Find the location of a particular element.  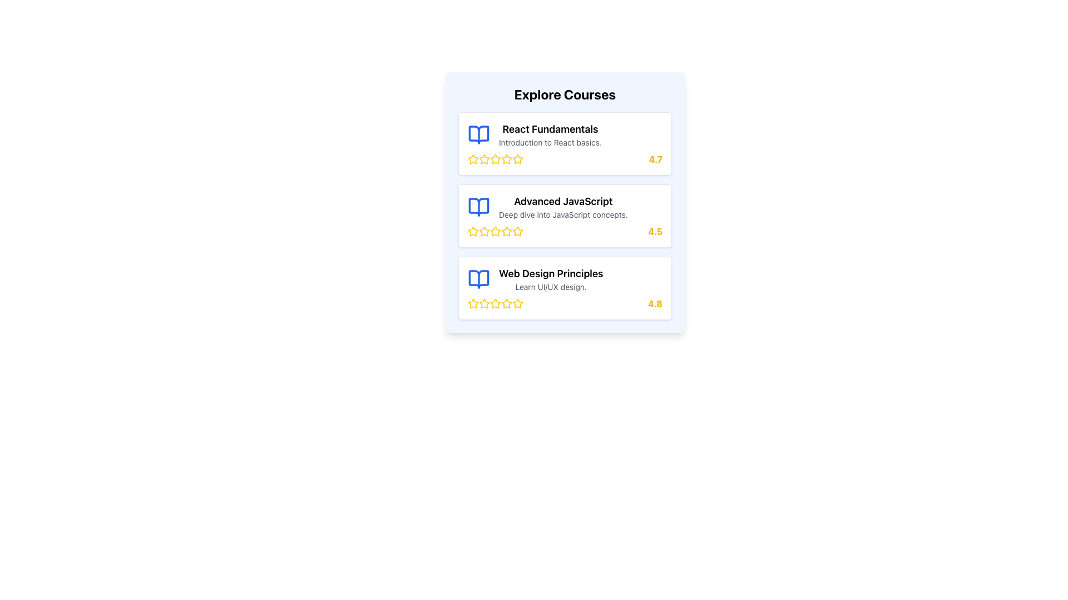

the first star icon in the five-star rating scale for the 'Web Design Principles' course to rate it is located at coordinates (473, 304).